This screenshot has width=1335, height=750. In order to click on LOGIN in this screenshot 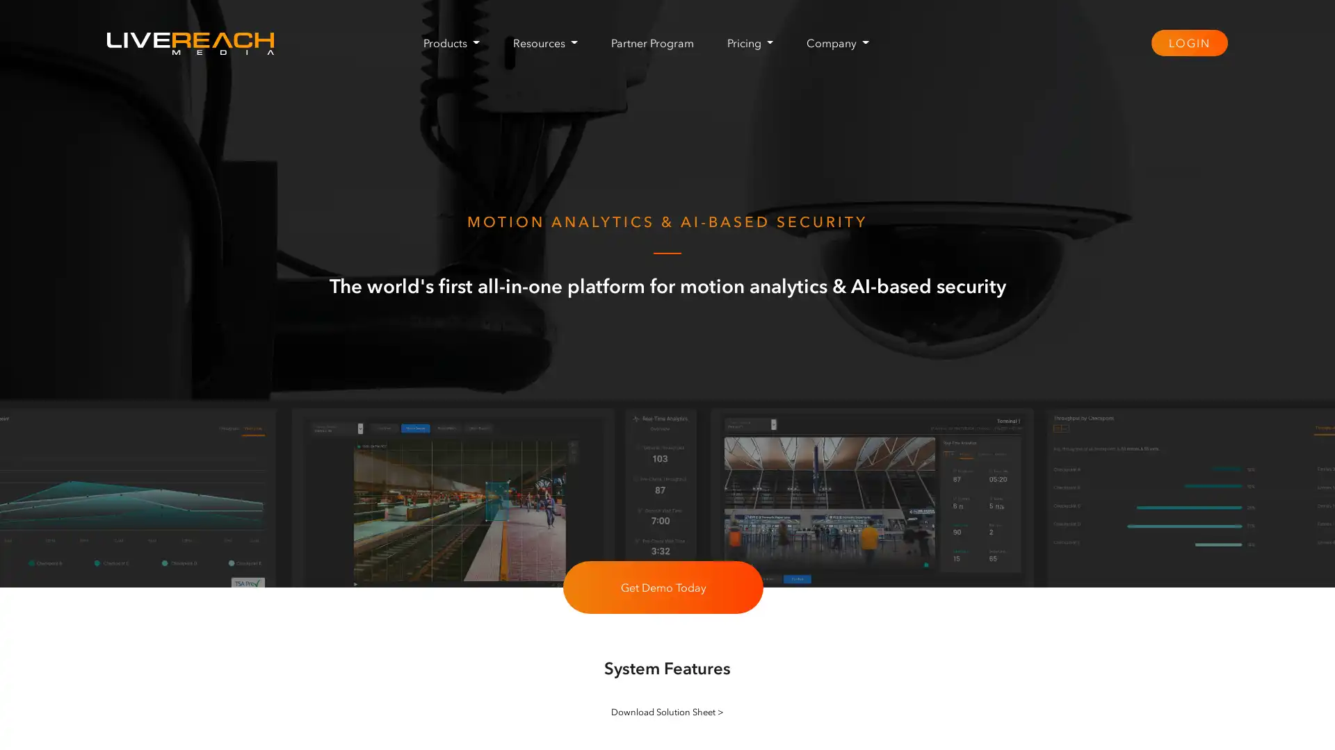, I will do `click(1188, 42)`.